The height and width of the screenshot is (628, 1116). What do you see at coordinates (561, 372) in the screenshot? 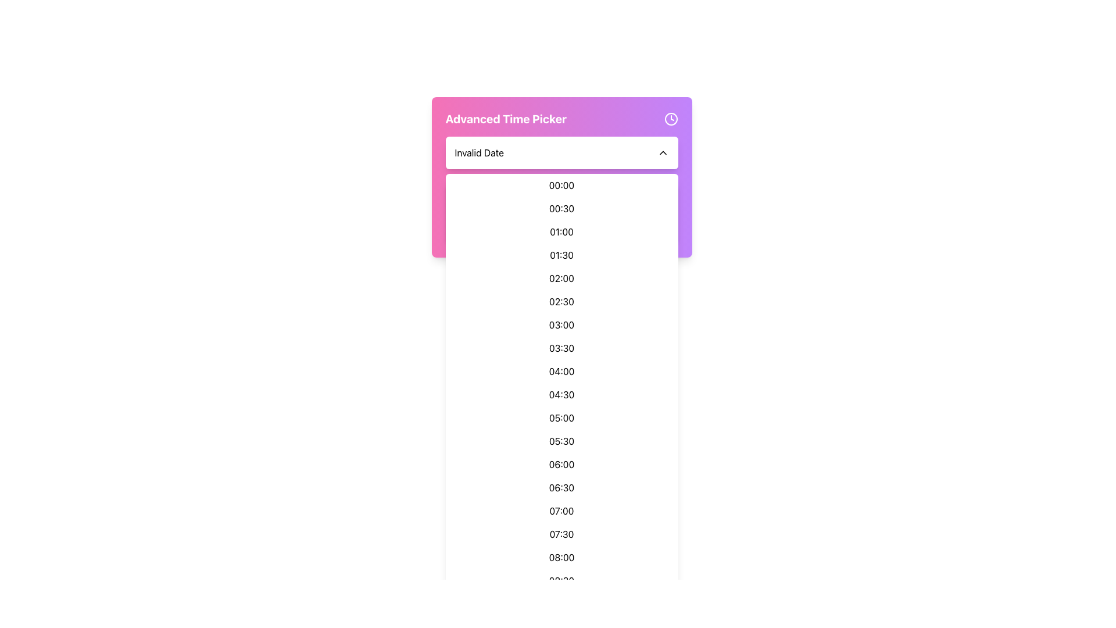
I see `the selectable time option '04:00' in the dropdown time picker to set the desired time input` at bounding box center [561, 372].